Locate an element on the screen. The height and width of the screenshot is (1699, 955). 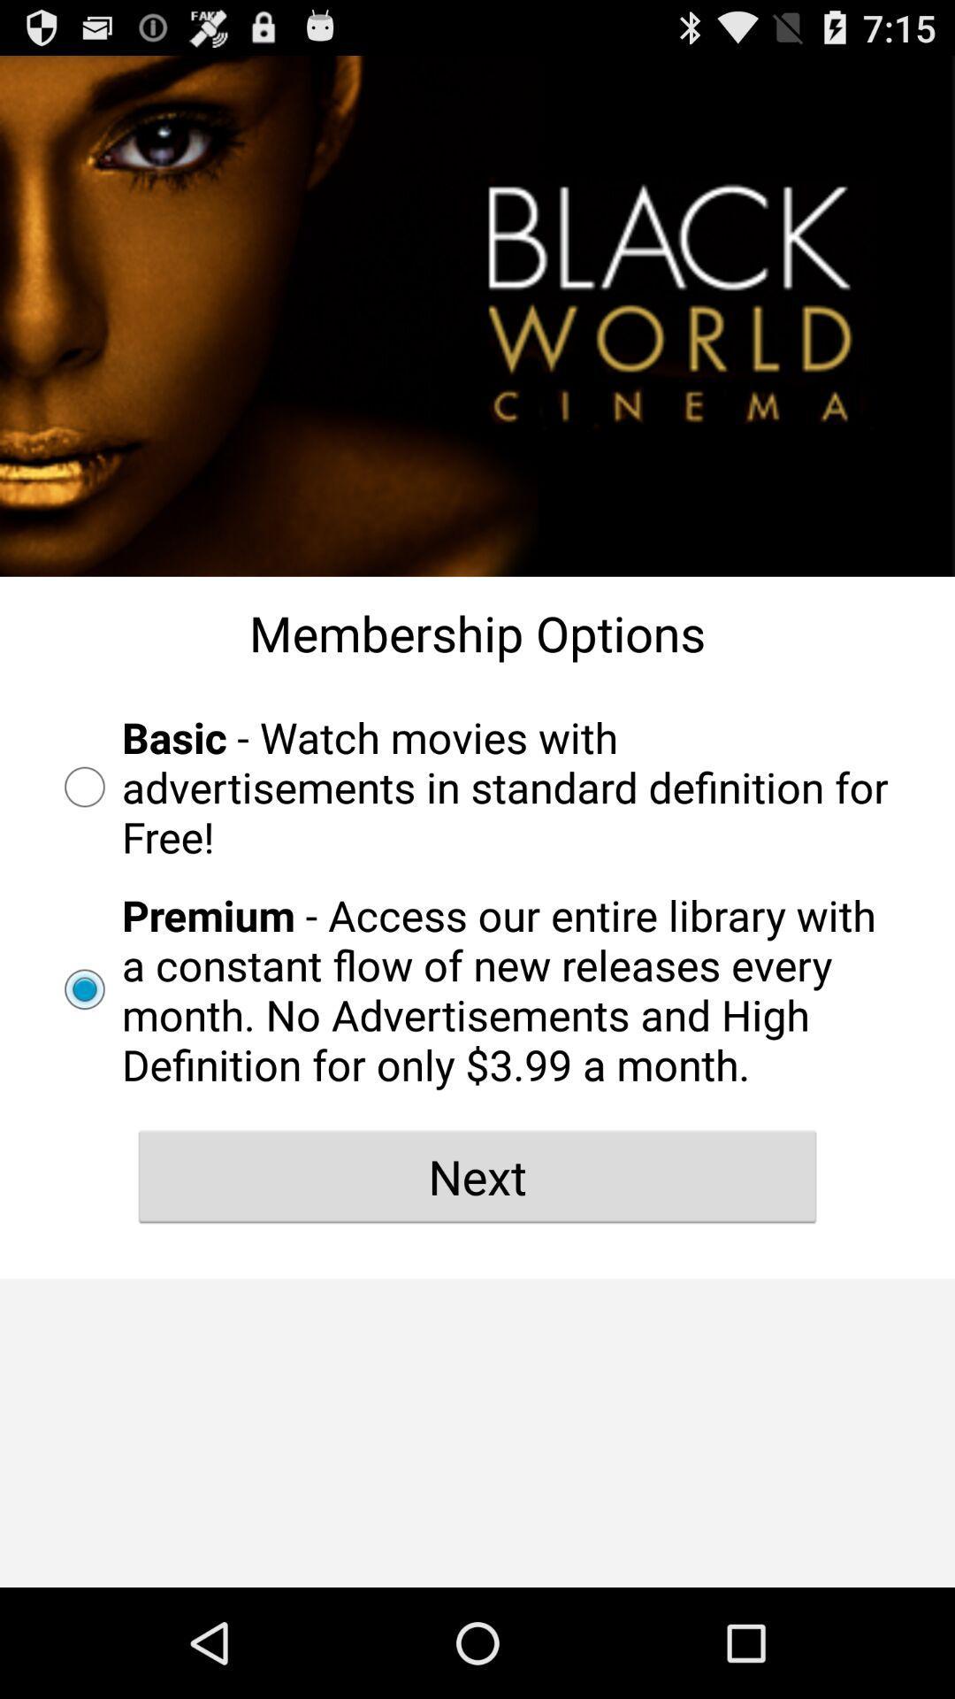
next item is located at coordinates (477, 1176).